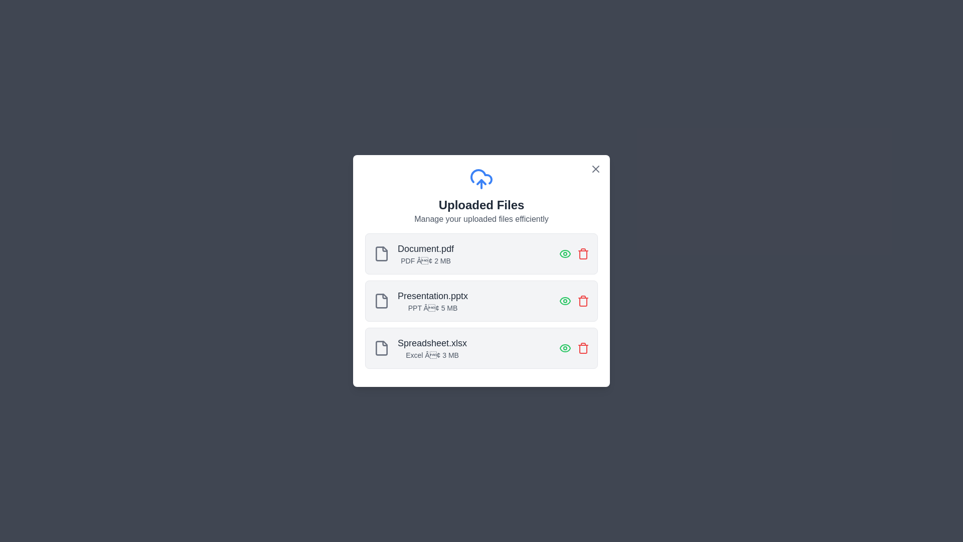 This screenshot has height=542, width=963. What do you see at coordinates (583, 253) in the screenshot?
I see `the delete icon located on the right side of the entry for the file 'Spreadsheet.xlsx'` at bounding box center [583, 253].